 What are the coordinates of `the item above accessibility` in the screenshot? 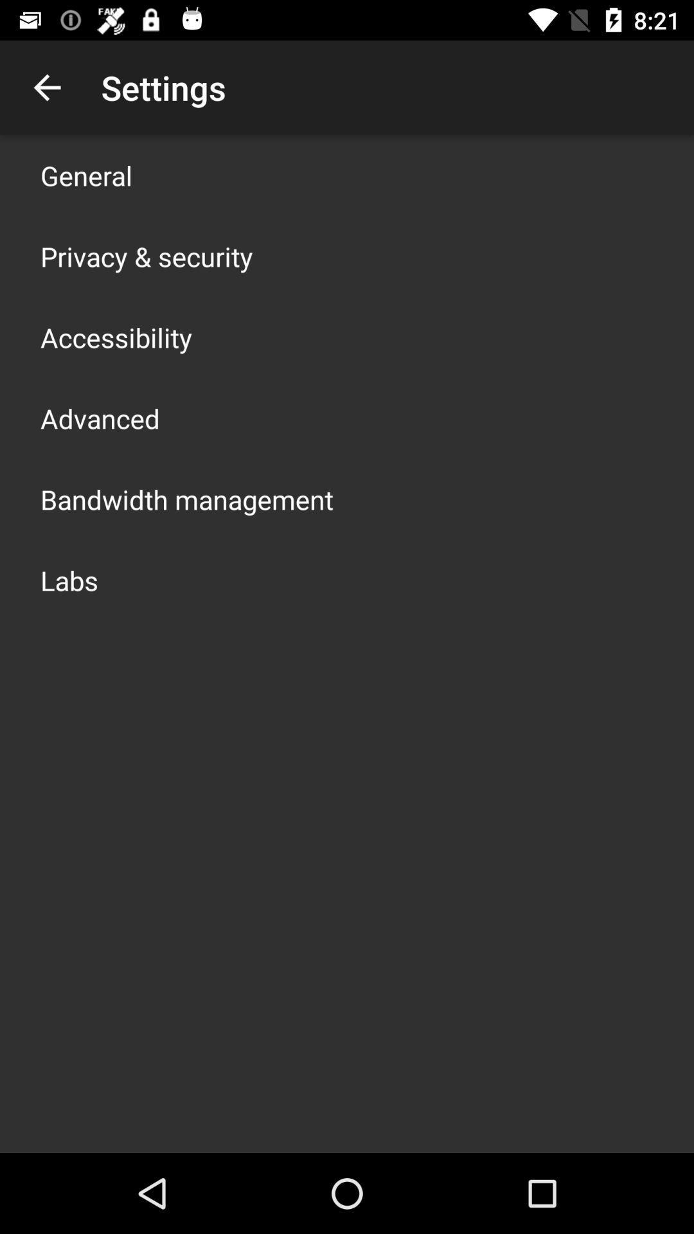 It's located at (146, 256).